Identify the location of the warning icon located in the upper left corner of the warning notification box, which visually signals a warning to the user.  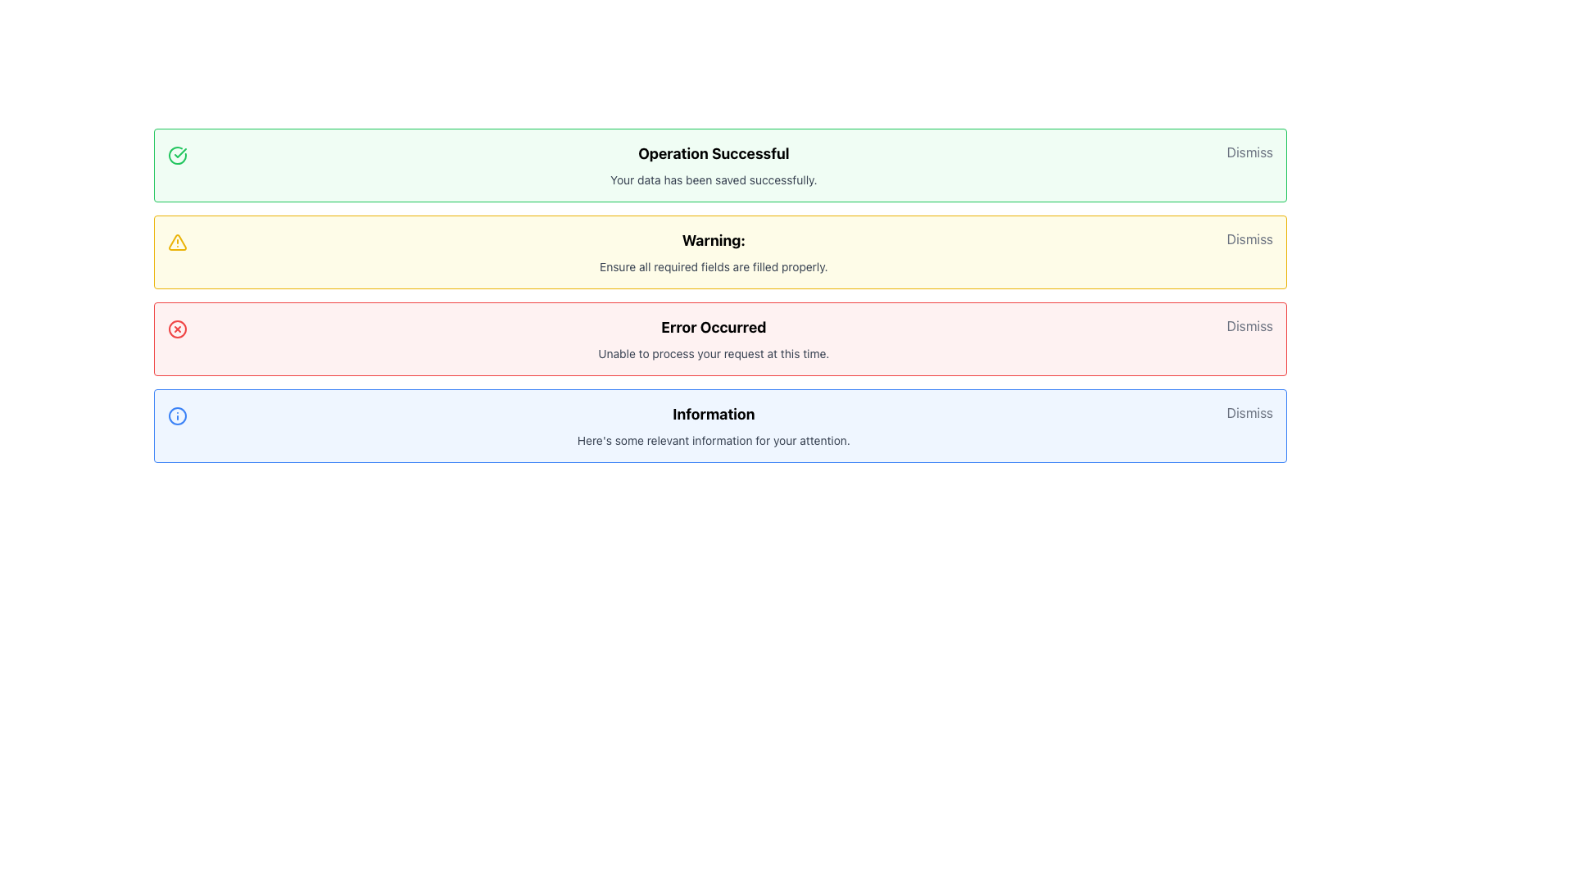
(177, 243).